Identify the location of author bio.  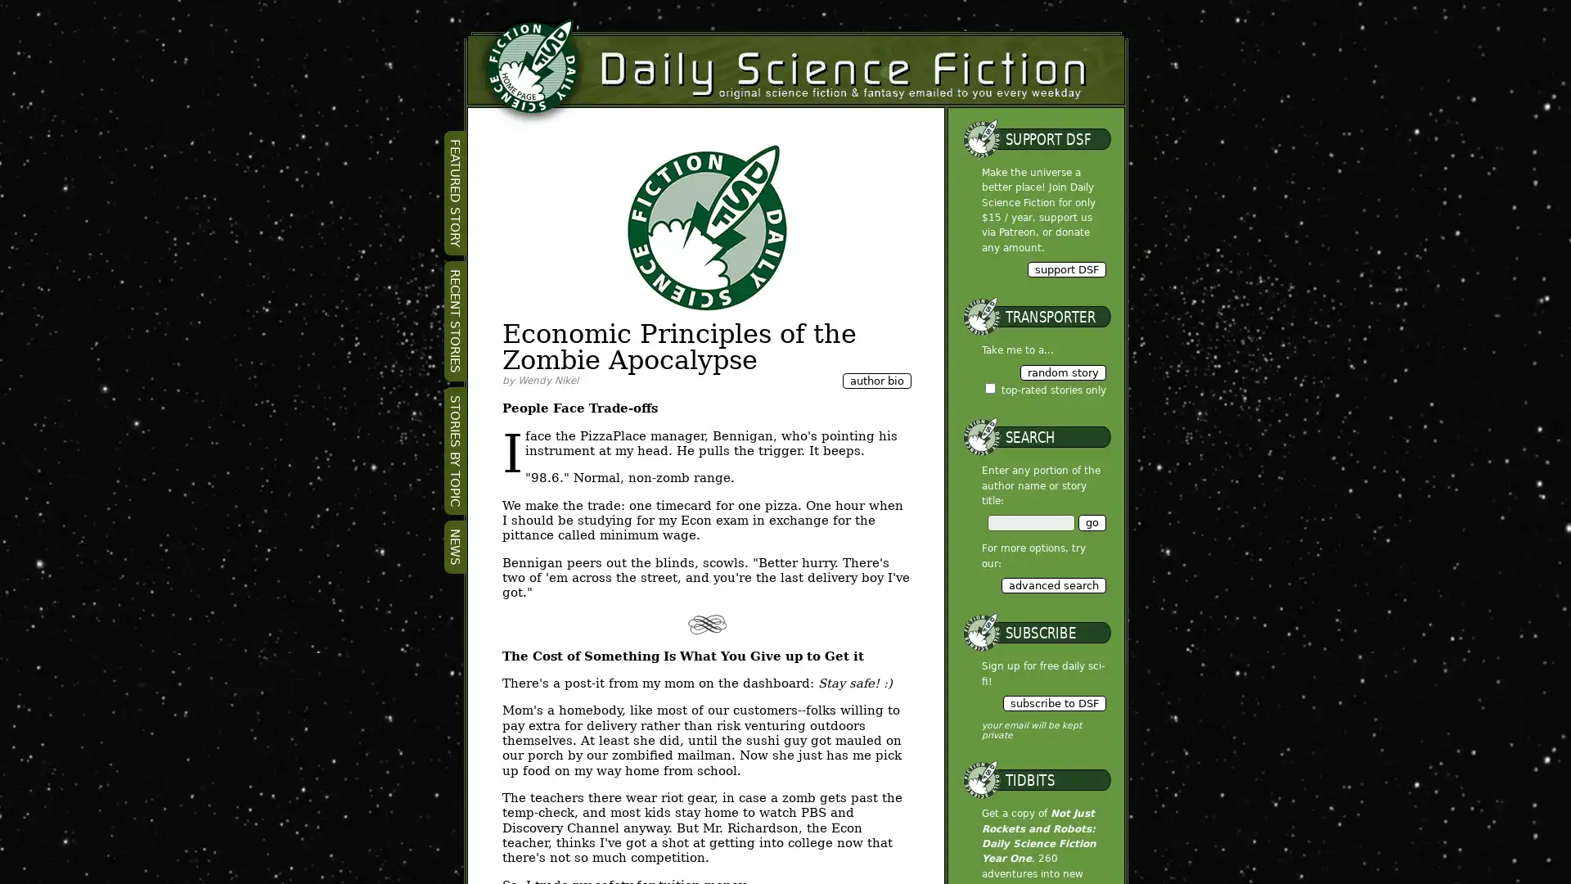
(875, 381).